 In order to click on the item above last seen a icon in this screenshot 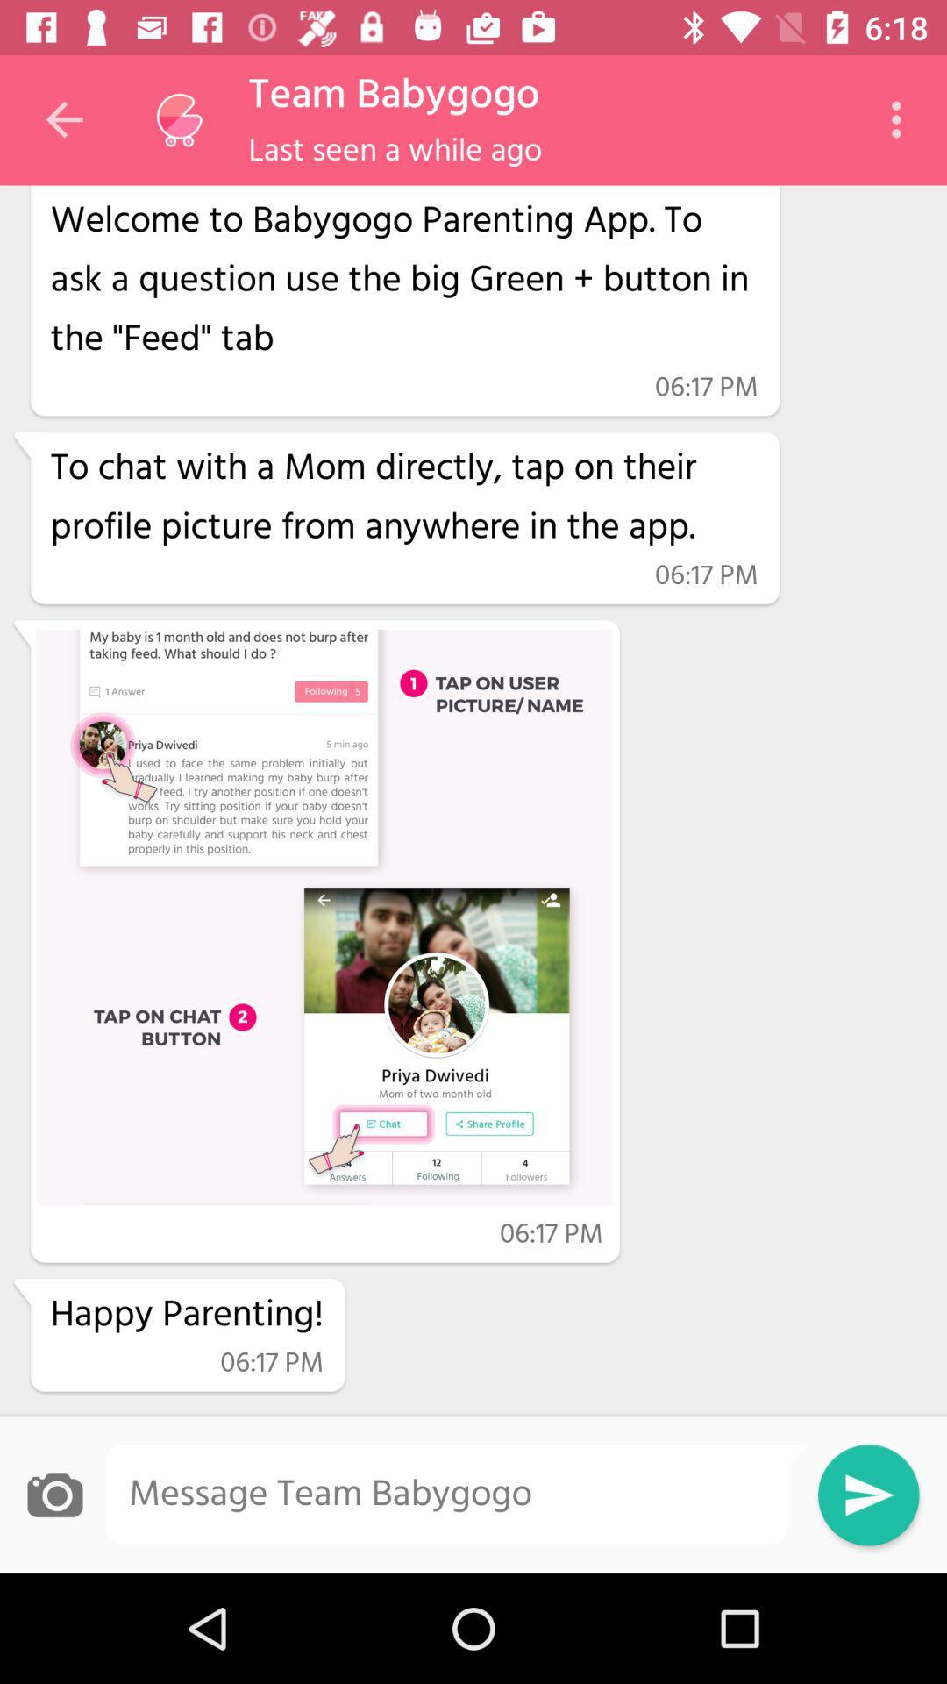, I will do `click(393, 95)`.